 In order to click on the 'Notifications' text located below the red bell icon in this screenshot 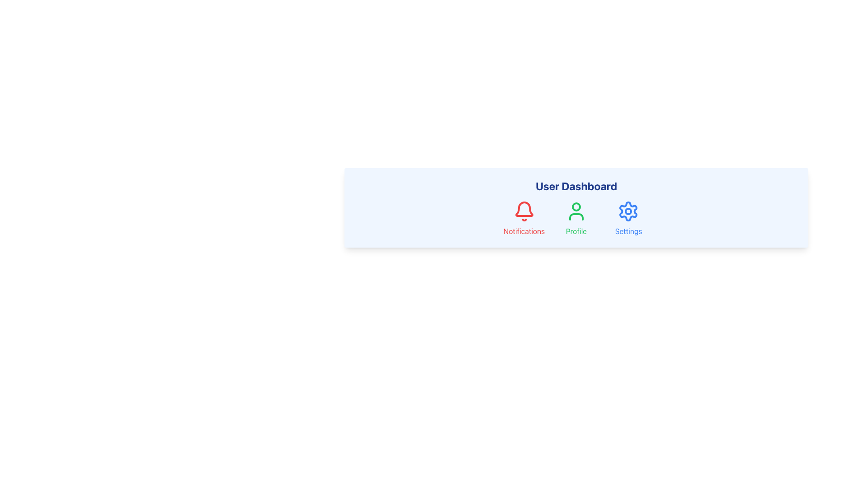, I will do `click(524, 218)`.